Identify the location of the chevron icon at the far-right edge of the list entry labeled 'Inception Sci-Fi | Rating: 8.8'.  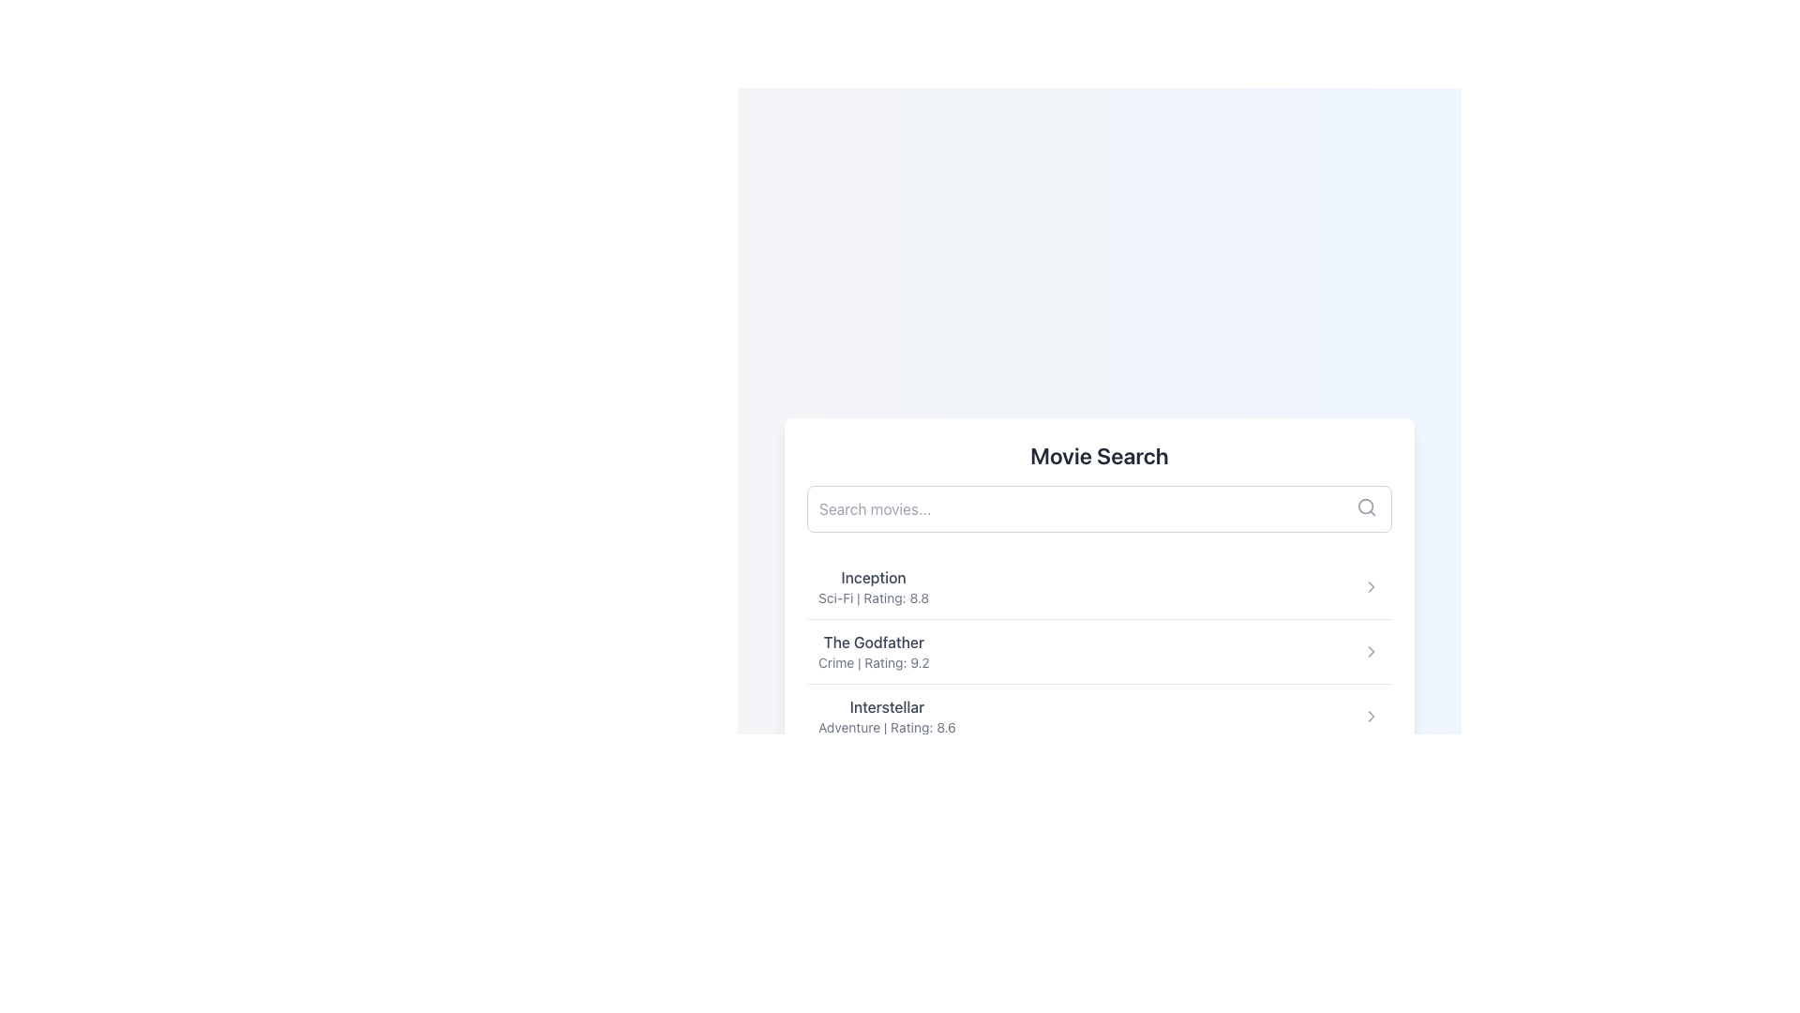
(1372, 585).